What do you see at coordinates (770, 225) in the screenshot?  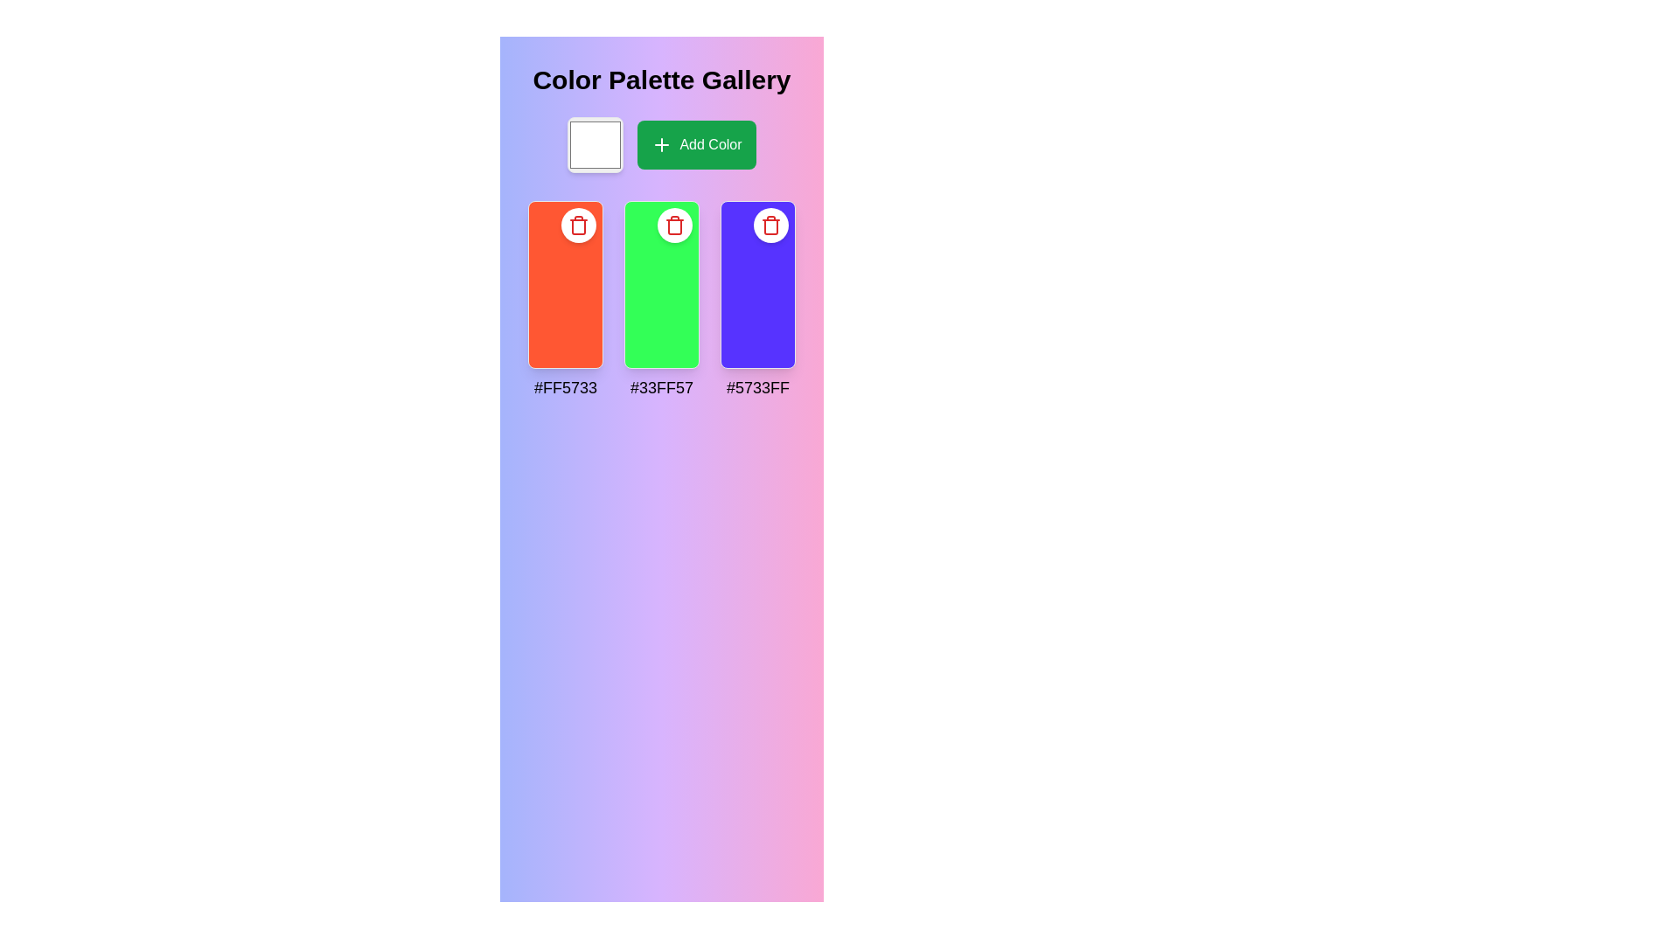 I see `the circular delete button with a red trash bin icon located at the top-right corner of the color card labeled '#5733FF'` at bounding box center [770, 225].